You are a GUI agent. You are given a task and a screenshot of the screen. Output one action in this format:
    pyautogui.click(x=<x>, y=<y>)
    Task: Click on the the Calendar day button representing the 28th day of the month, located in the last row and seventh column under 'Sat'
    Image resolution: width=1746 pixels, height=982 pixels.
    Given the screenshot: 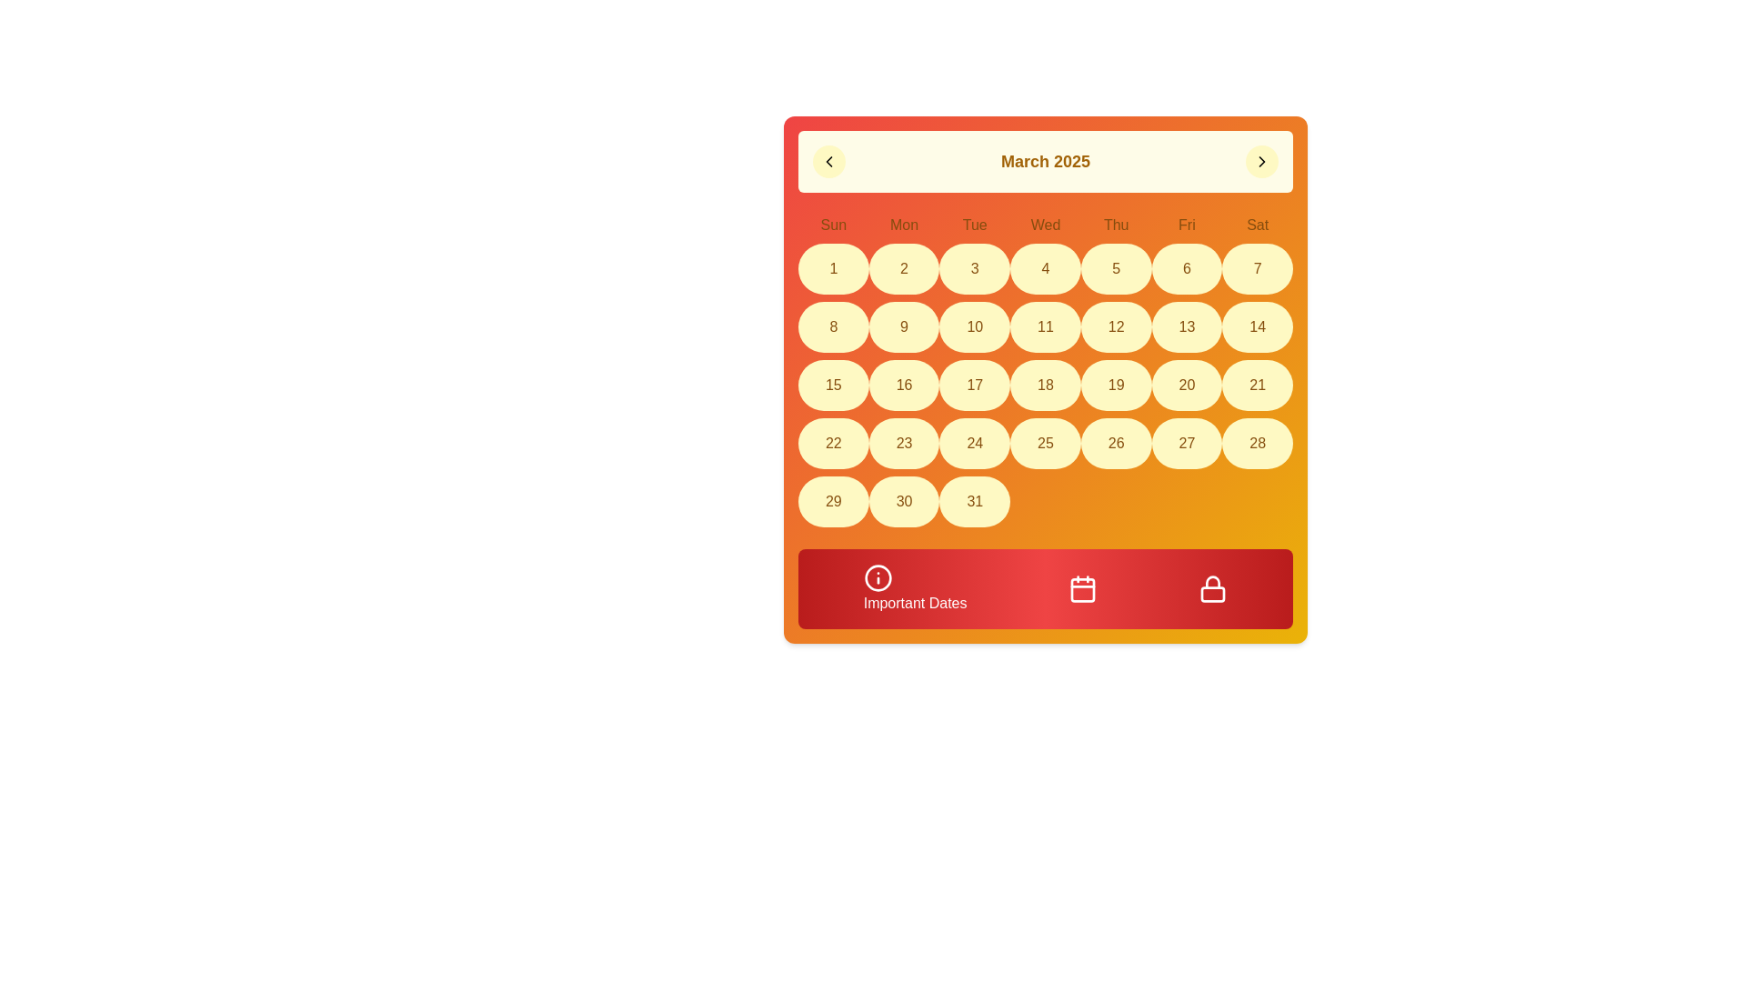 What is the action you would take?
    pyautogui.click(x=1256, y=444)
    